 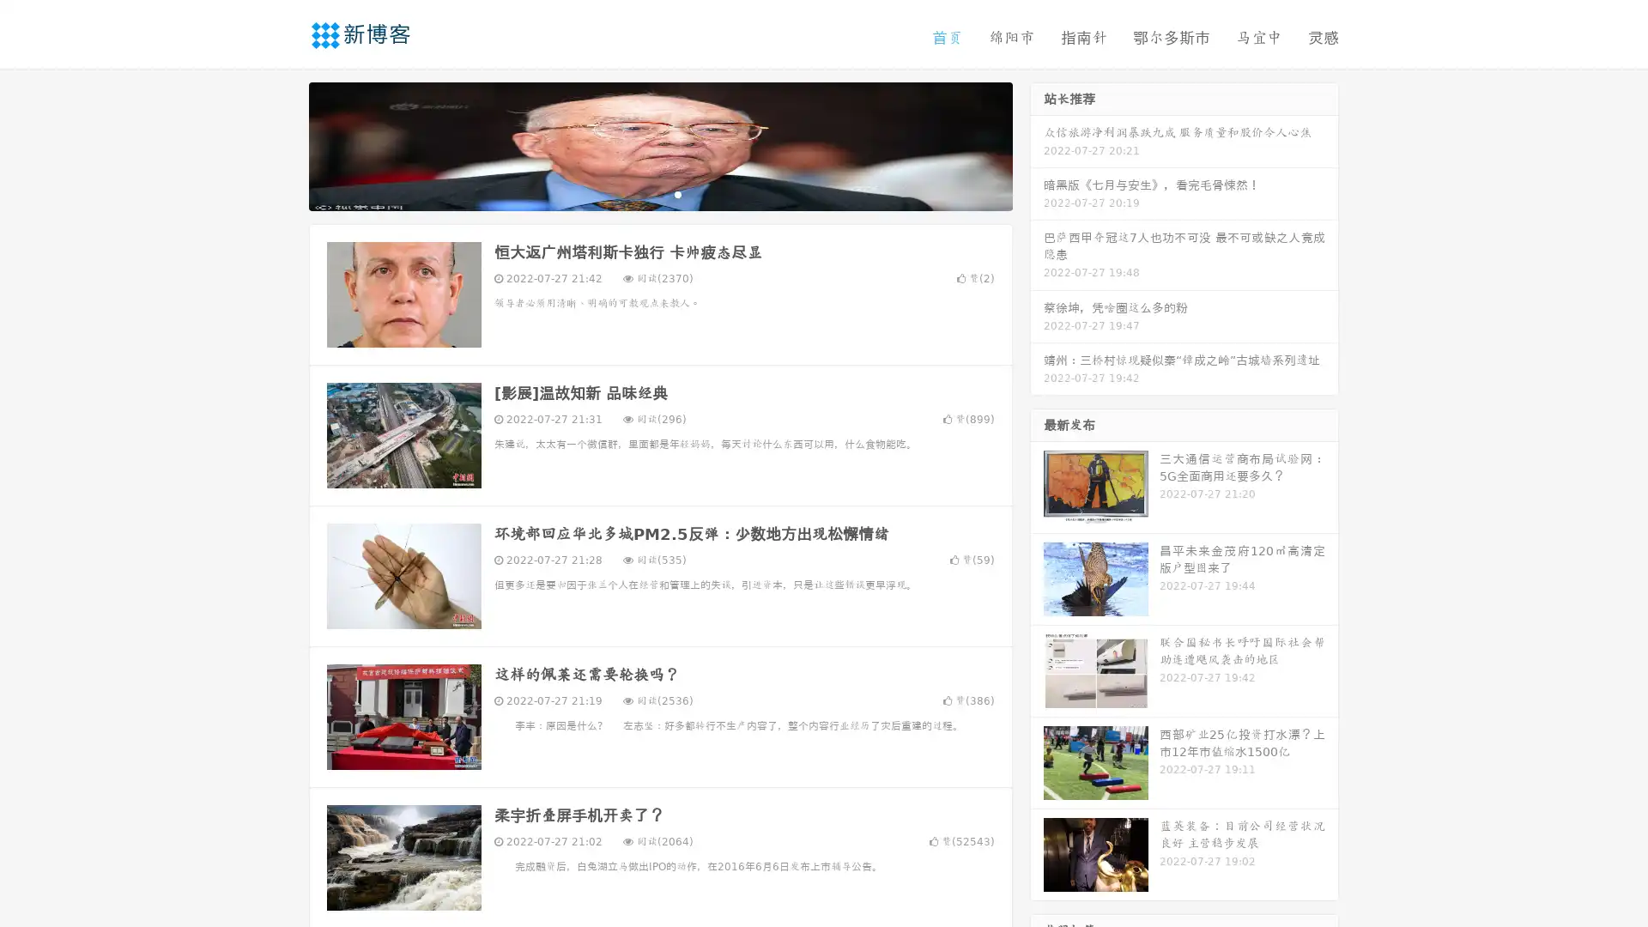 What do you see at coordinates (283, 144) in the screenshot?
I see `Previous slide` at bounding box center [283, 144].